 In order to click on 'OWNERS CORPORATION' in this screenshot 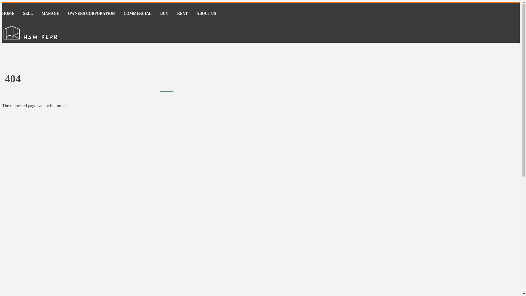, I will do `click(68, 13)`.